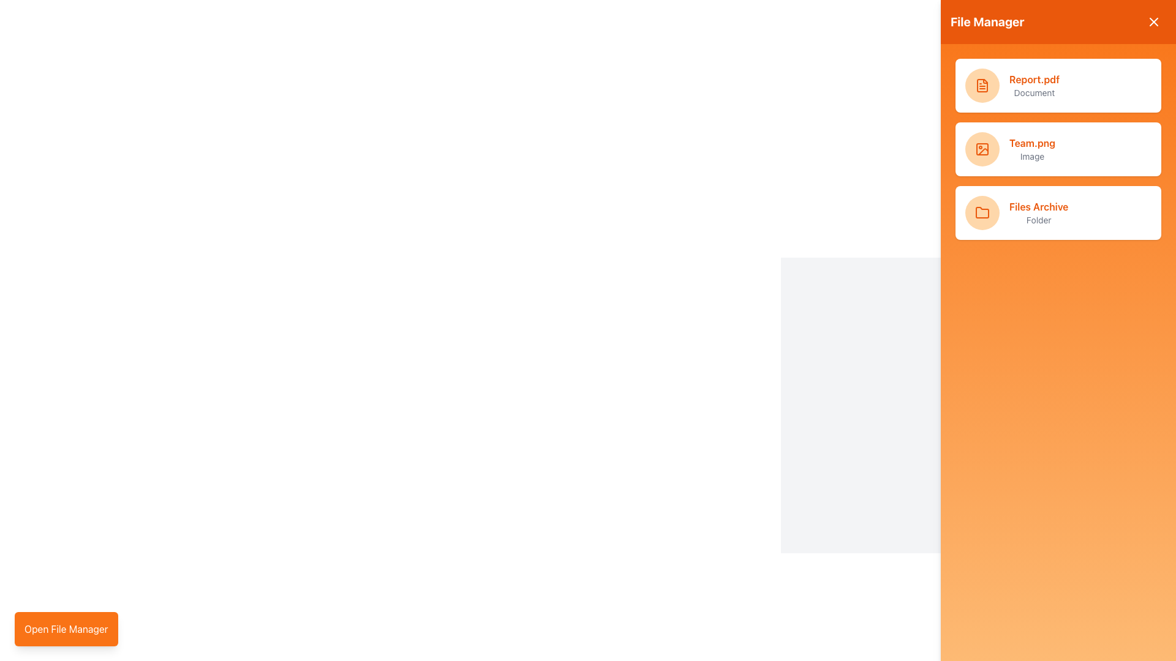 The image size is (1176, 661). What do you see at coordinates (1058, 148) in the screenshot?
I see `the selectable card representing the file entry 'Team.png'` at bounding box center [1058, 148].